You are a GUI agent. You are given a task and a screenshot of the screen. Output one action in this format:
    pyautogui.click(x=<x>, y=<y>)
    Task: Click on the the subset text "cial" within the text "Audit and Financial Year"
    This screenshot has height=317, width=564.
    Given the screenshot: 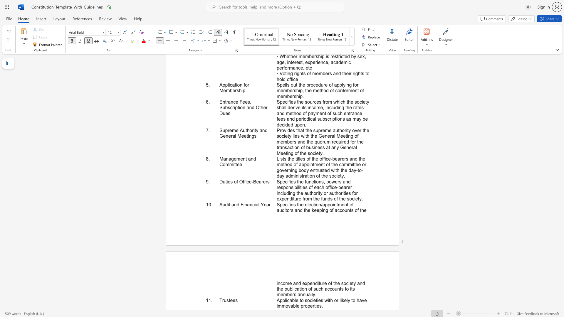 What is the action you would take?
    pyautogui.click(x=252, y=204)
    